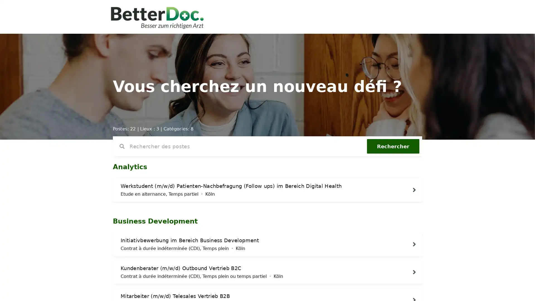 This screenshot has width=535, height=301. What do you see at coordinates (393, 146) in the screenshot?
I see `Rechercher` at bounding box center [393, 146].